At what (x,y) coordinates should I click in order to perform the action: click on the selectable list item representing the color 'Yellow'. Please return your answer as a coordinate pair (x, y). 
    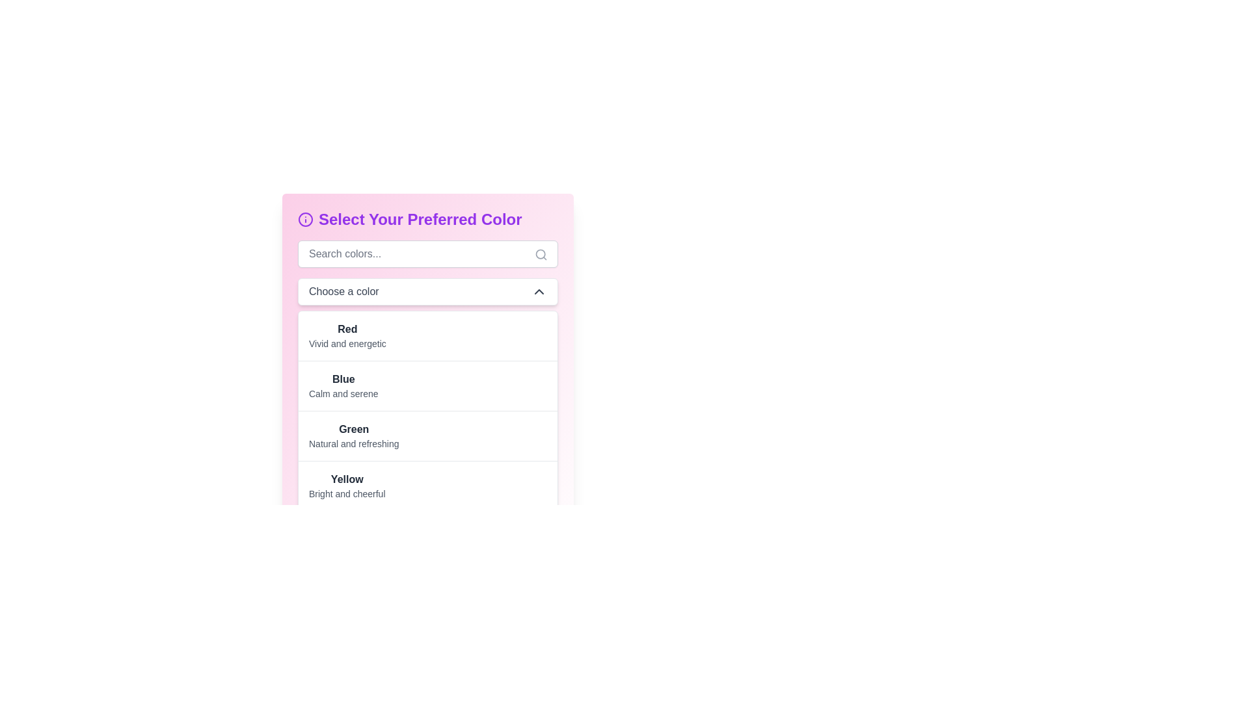
    Looking at the image, I should click on (427, 486).